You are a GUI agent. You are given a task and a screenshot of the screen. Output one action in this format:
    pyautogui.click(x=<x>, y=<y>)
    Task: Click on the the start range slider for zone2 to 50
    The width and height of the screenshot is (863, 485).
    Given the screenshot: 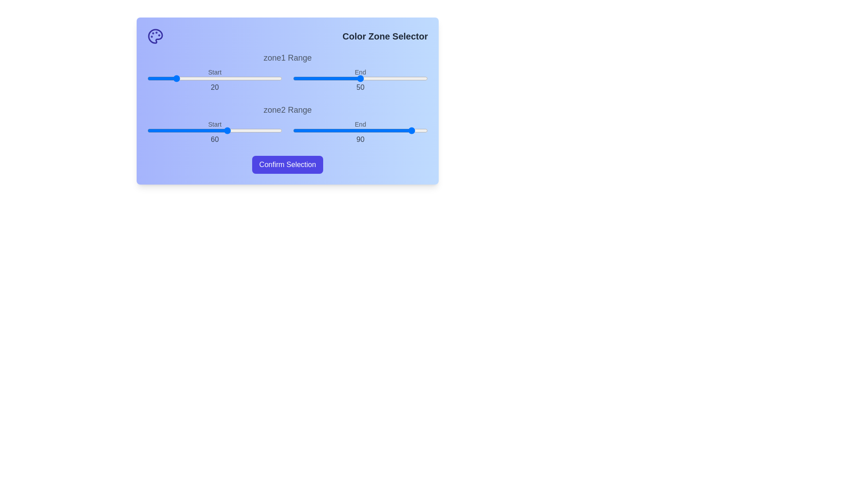 What is the action you would take?
    pyautogui.click(x=214, y=130)
    